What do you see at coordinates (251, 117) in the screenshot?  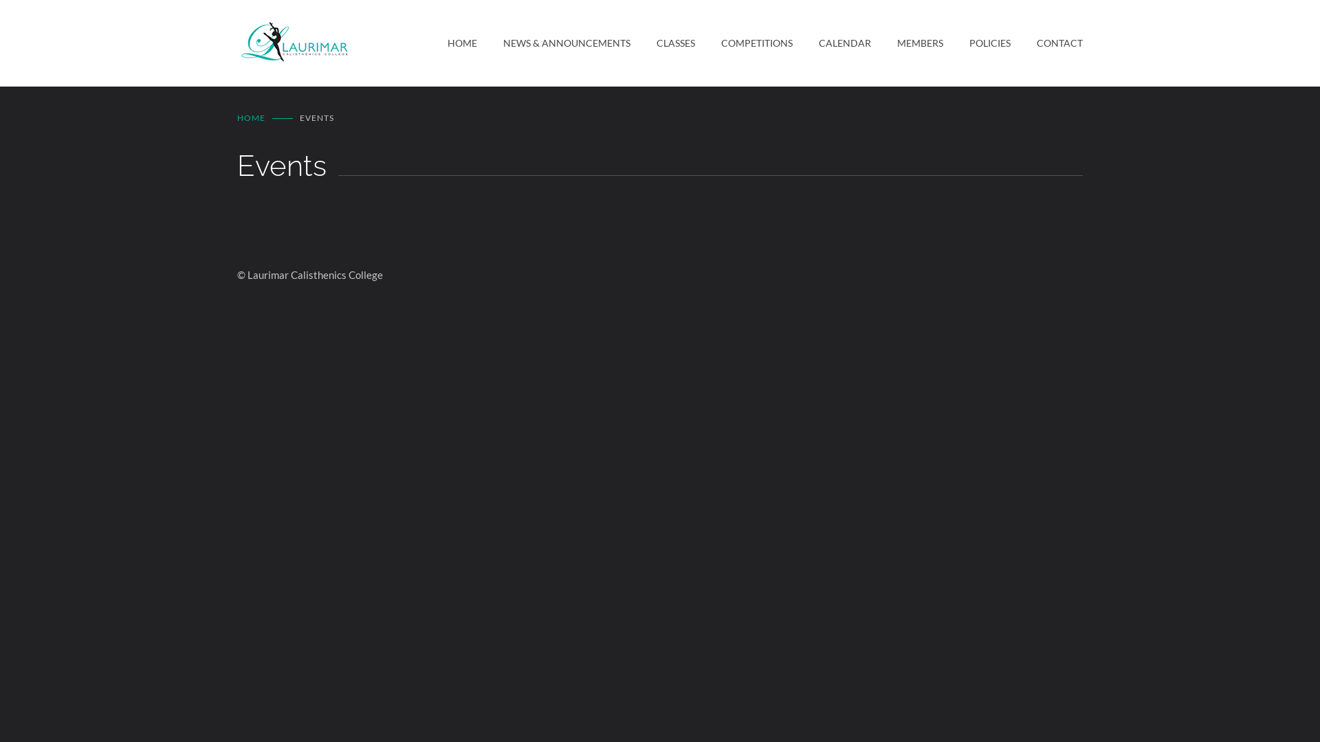 I see `'HOME'` at bounding box center [251, 117].